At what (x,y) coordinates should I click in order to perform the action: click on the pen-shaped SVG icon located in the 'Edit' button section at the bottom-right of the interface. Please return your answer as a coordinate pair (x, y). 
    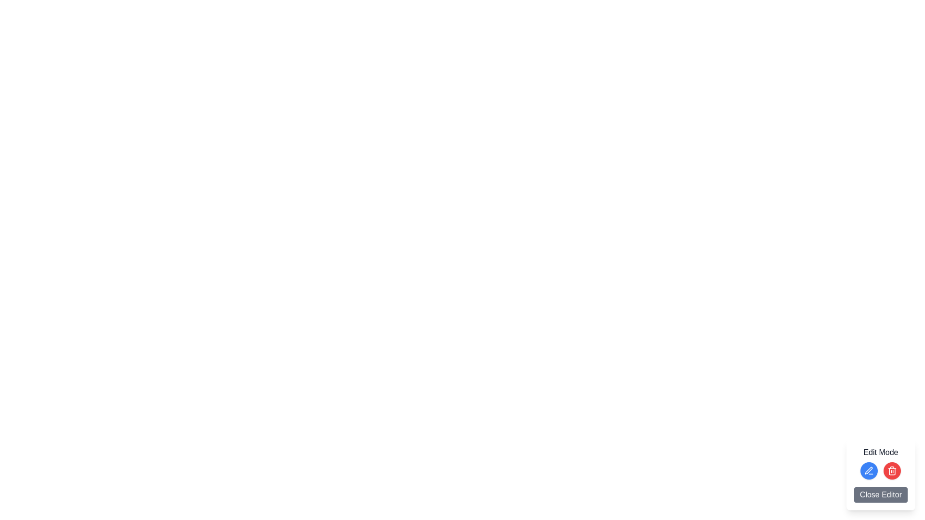
    Looking at the image, I should click on (869, 470).